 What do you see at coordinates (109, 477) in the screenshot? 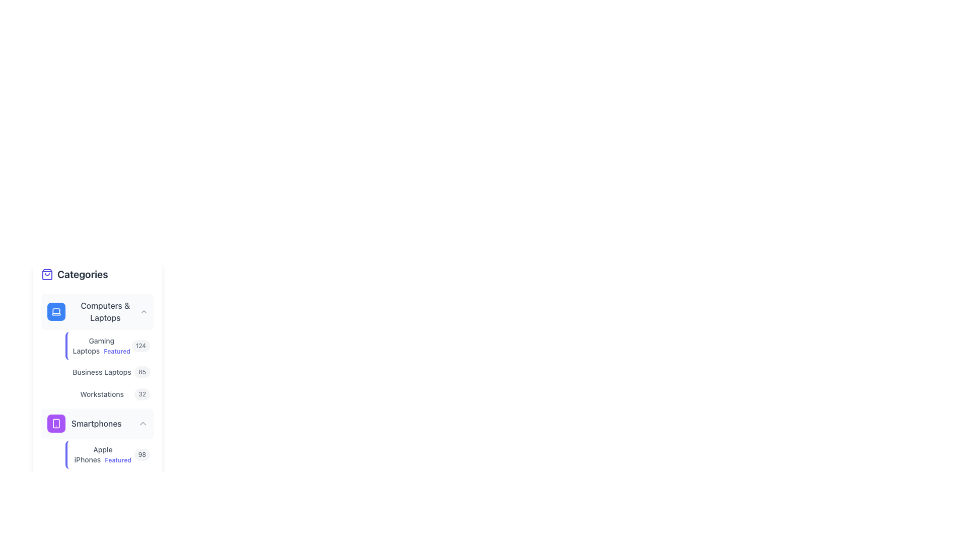
I see `the clickable list item labeled 'Apple iPhones' with a blue 'Featured' subtitle` at bounding box center [109, 477].